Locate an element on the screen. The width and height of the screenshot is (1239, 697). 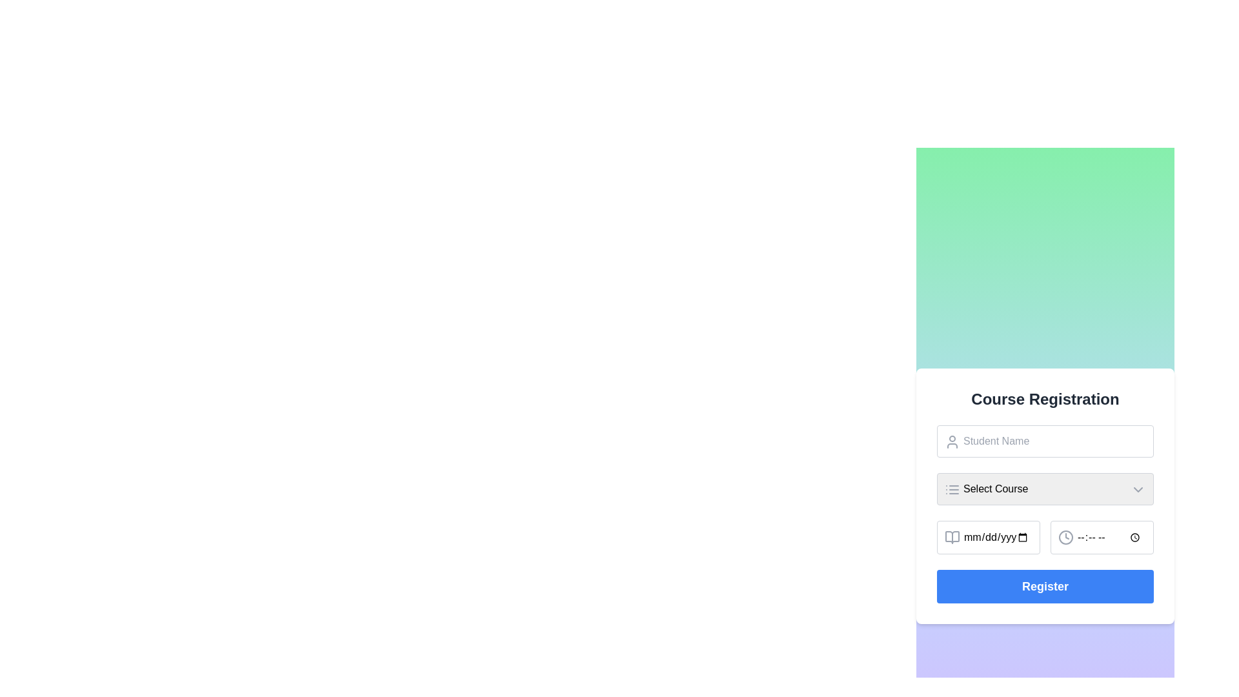
the open book icon with a gray outline, located to the left of the 'mm/dd/yyyy' text field in the course registration form is located at coordinates (952, 538).